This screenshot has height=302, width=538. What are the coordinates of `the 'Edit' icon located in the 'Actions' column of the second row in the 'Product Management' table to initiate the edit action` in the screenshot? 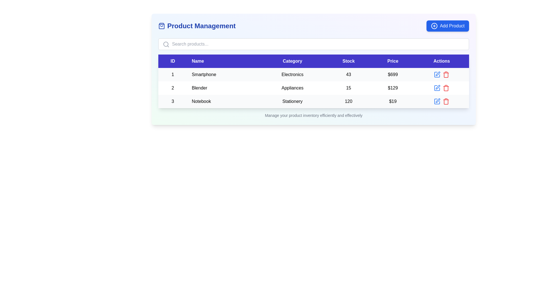 It's located at (437, 88).